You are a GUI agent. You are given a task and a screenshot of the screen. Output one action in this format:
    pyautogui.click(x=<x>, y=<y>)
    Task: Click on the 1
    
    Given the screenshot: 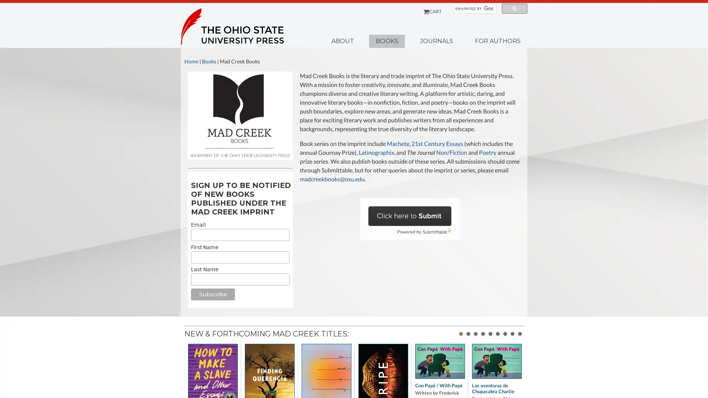 What is the action you would take?
    pyautogui.click(x=460, y=334)
    